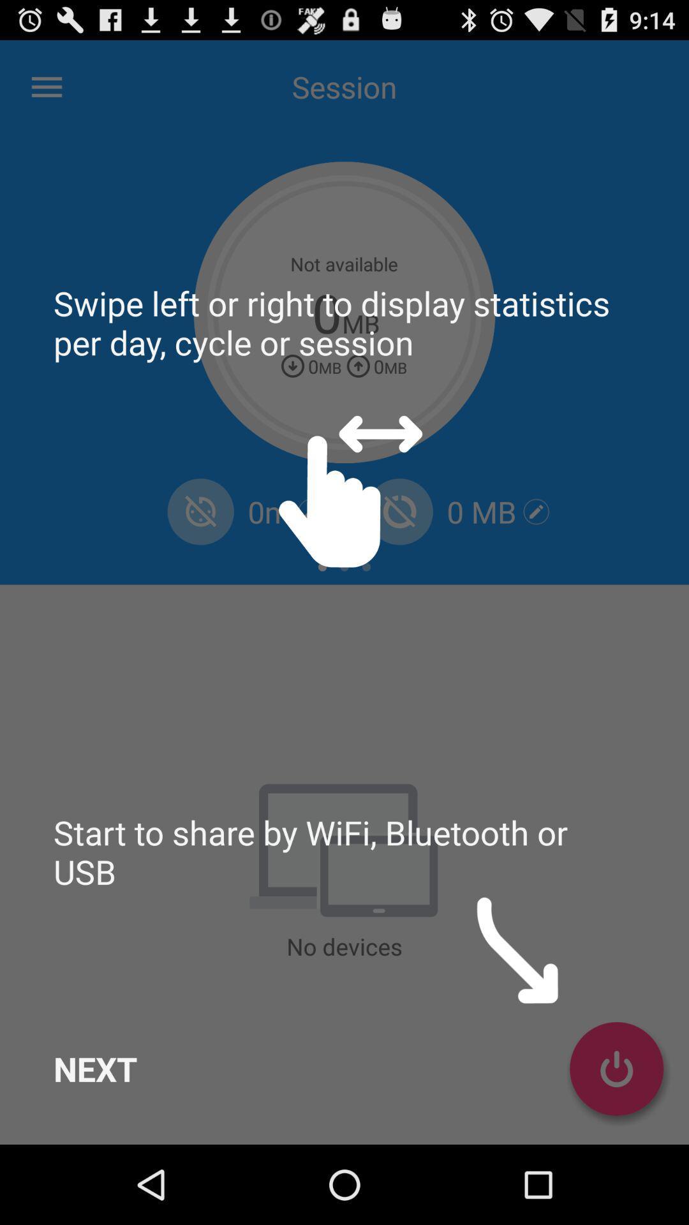 The image size is (689, 1225). Describe the element at coordinates (94, 1069) in the screenshot. I see `the icon below the start to share` at that location.